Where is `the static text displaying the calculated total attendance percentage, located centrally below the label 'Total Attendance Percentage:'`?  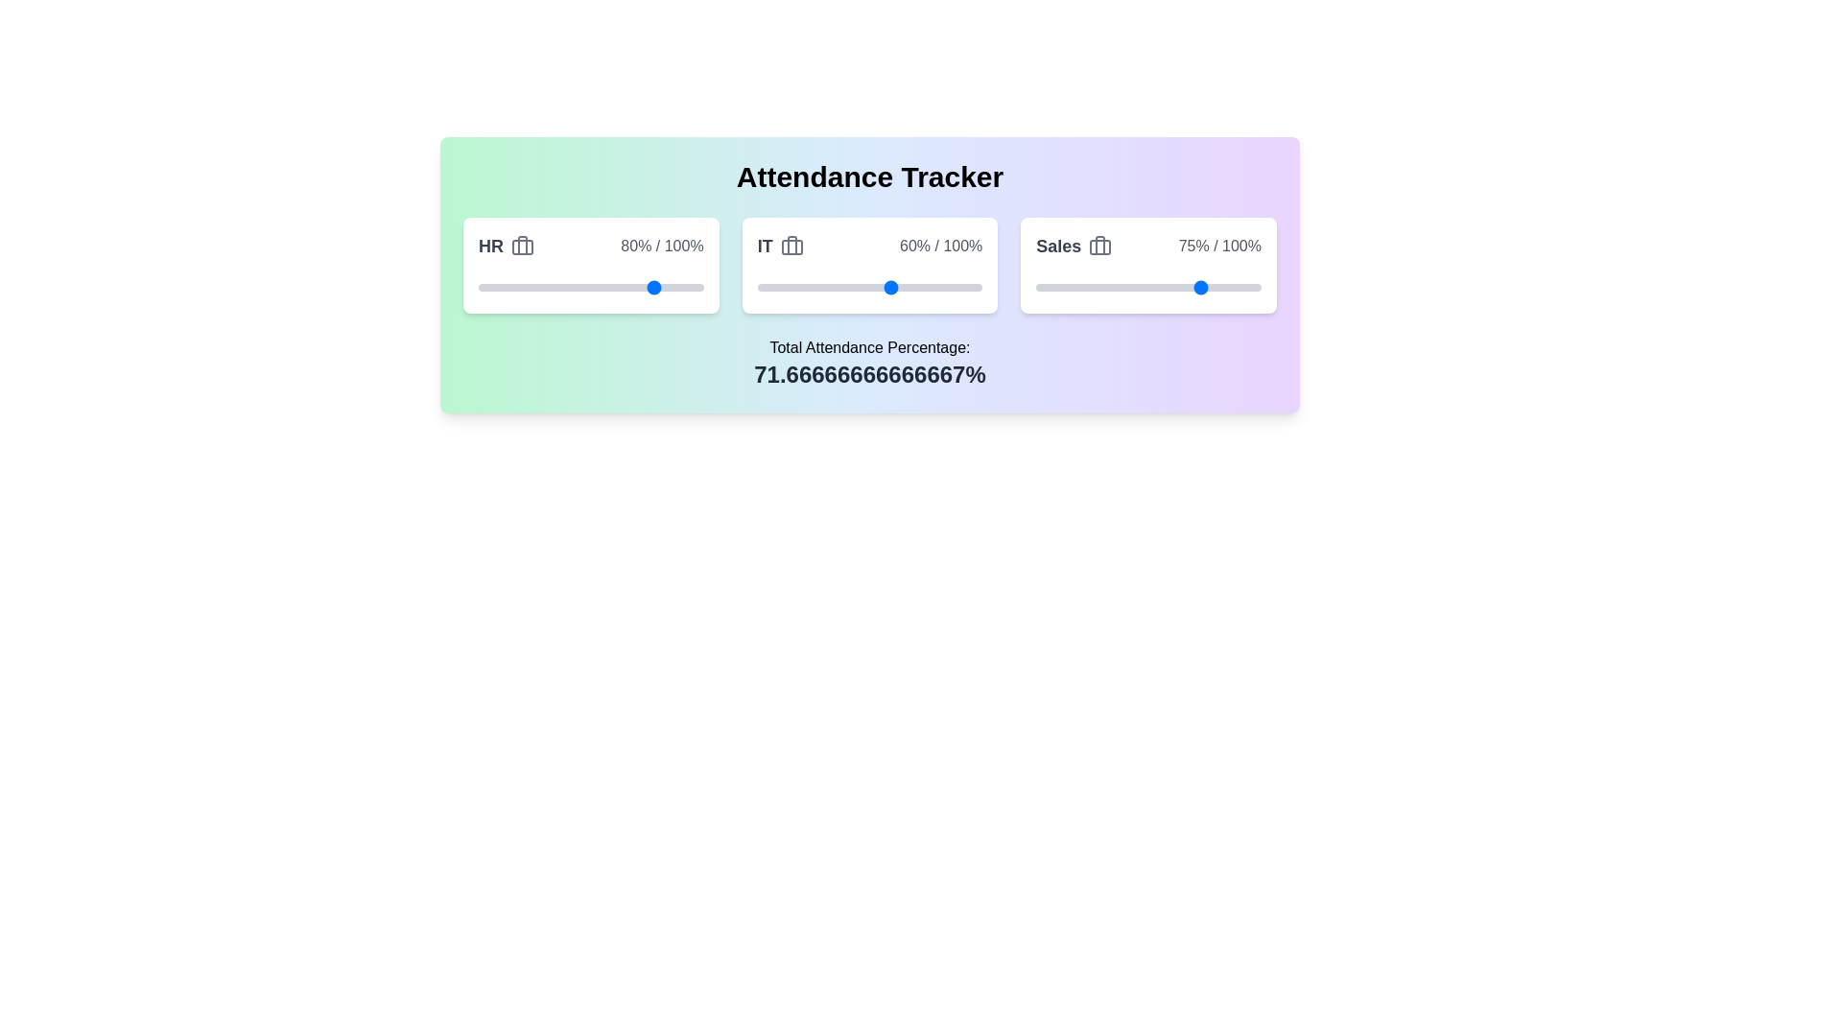
the static text displaying the calculated total attendance percentage, located centrally below the label 'Total Attendance Percentage:' is located at coordinates (869, 374).